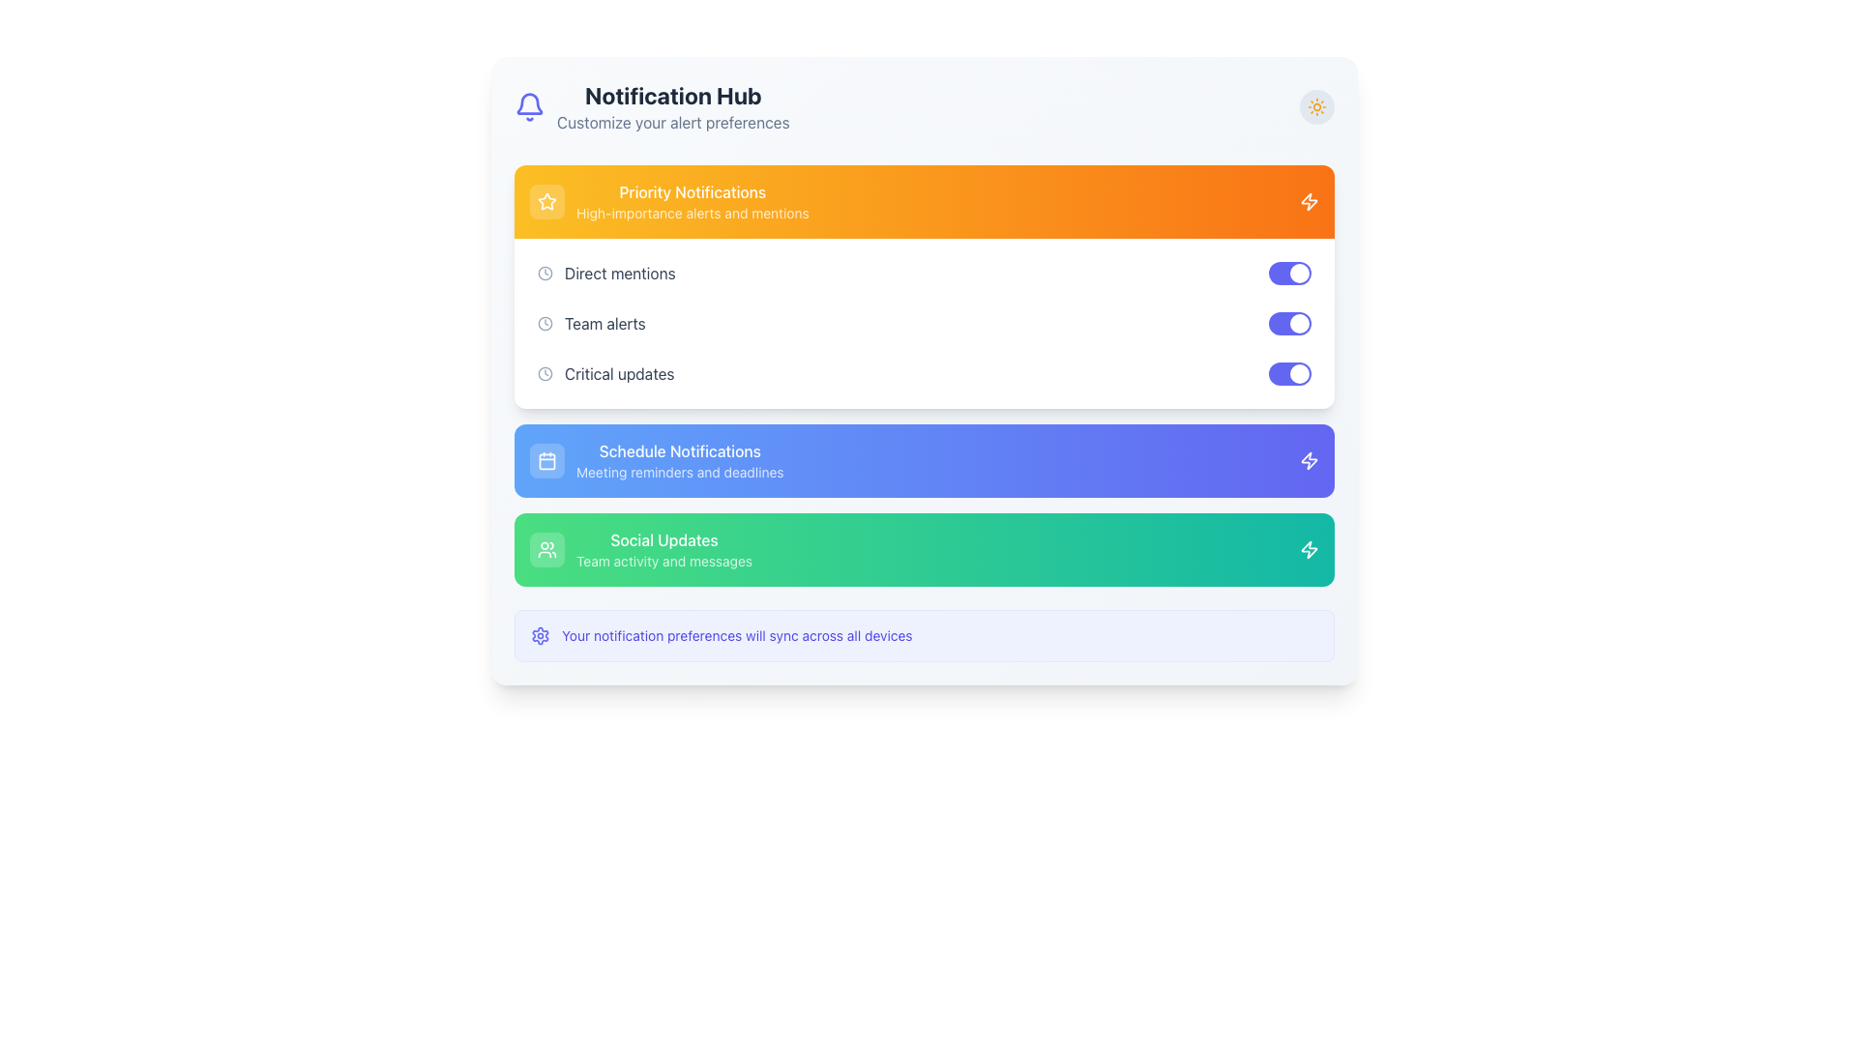  I want to click on the Notification category row labeled 'Social Updates', so click(923, 550).